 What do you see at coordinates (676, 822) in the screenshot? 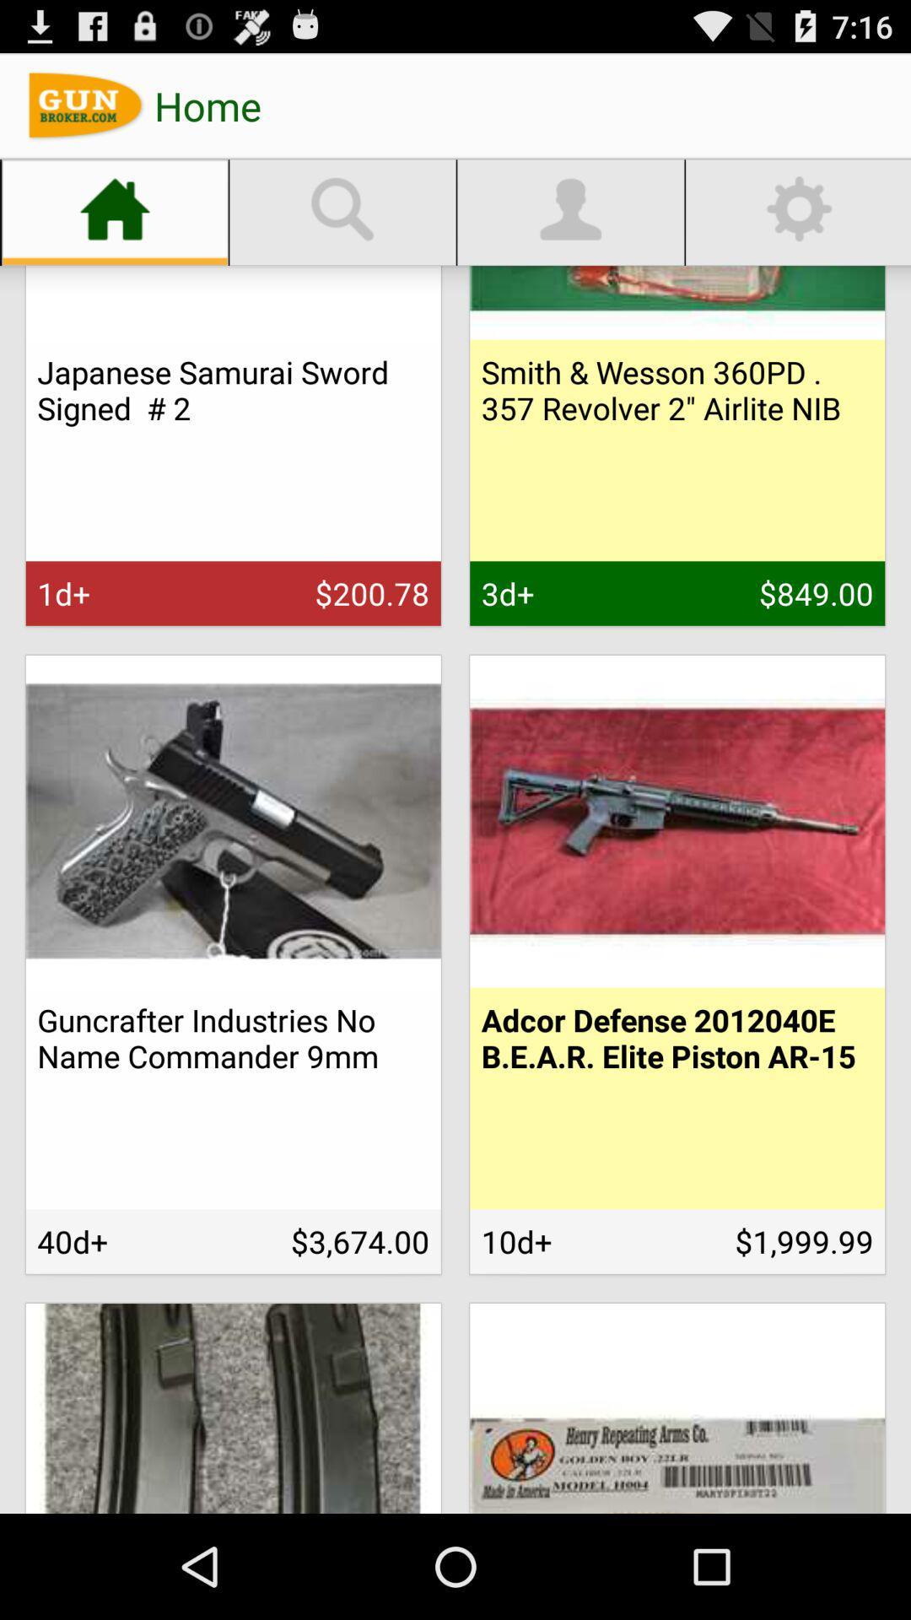
I see `the gun image below 84900` at bounding box center [676, 822].